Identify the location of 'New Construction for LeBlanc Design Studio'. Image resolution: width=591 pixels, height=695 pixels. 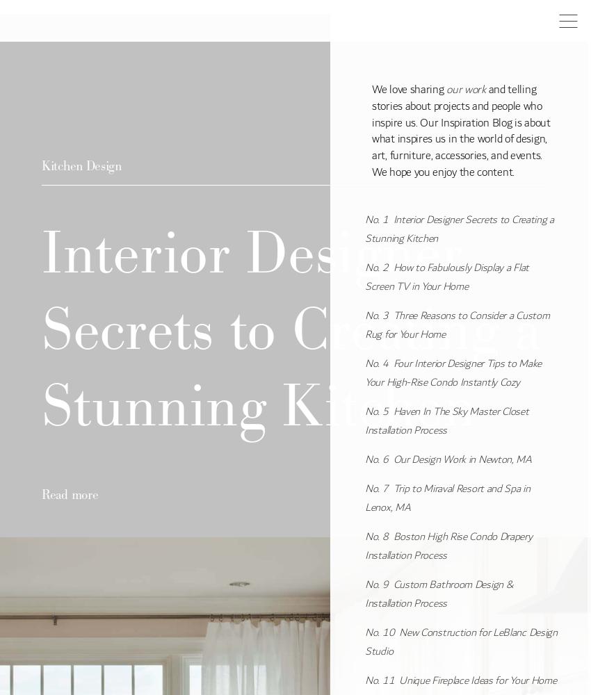
(461, 641).